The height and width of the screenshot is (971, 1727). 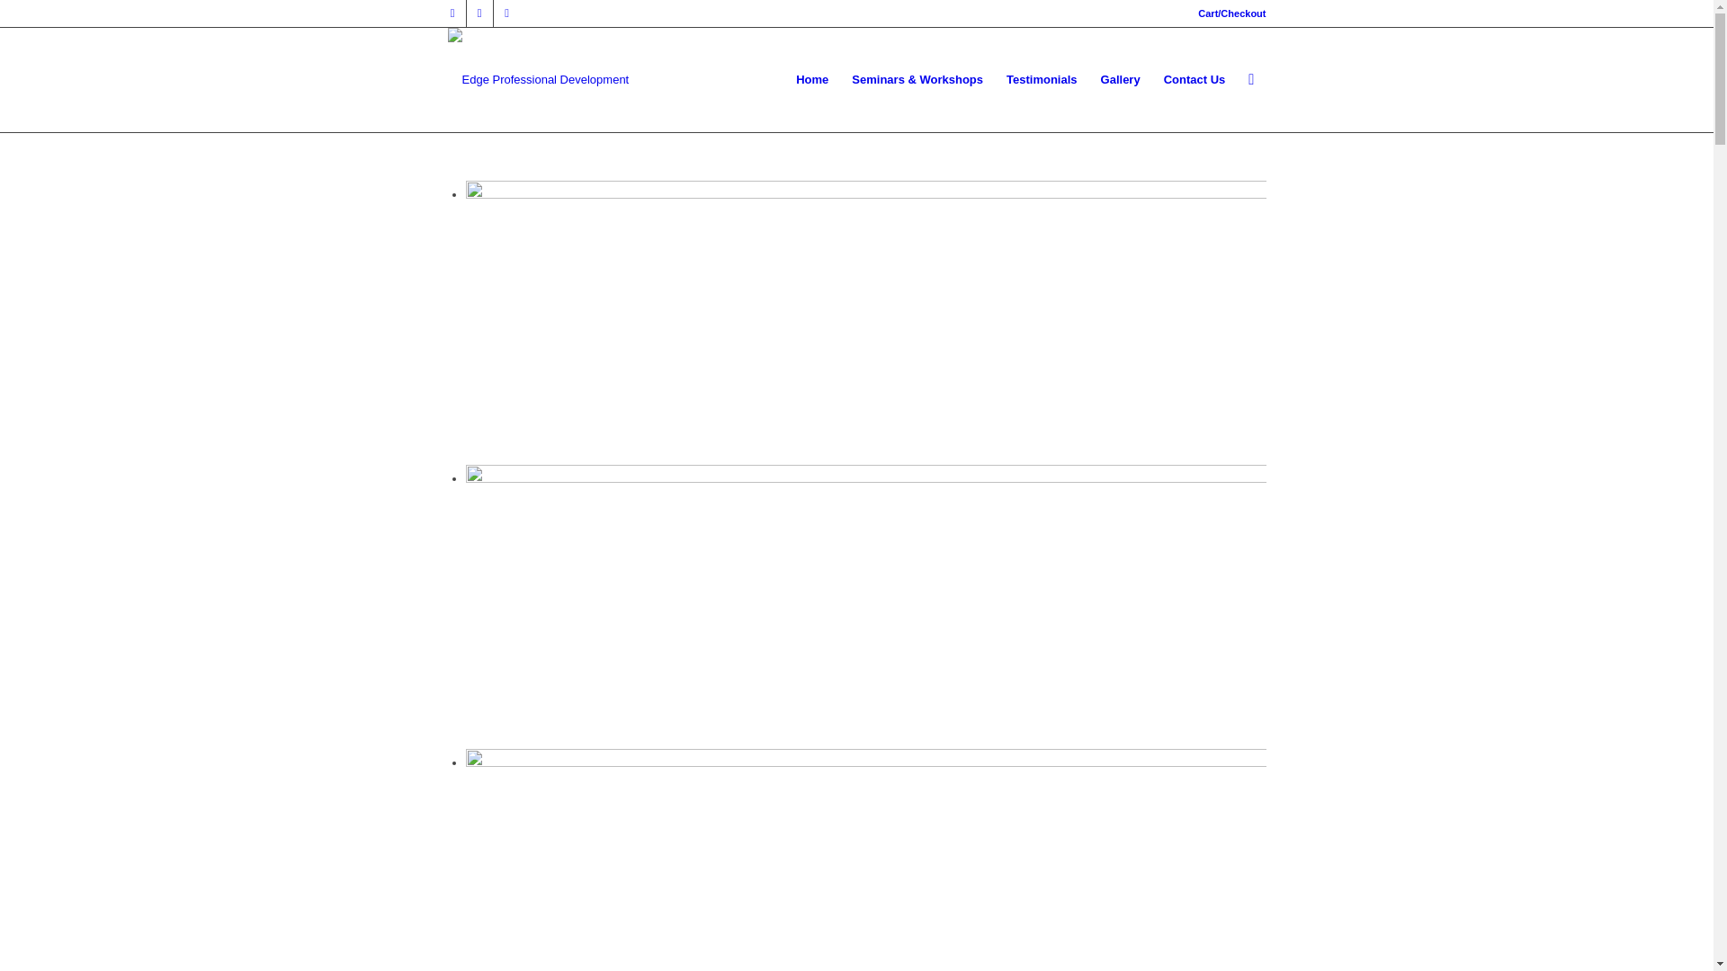 I want to click on 'Seminars & Workshops', so click(x=839, y=78).